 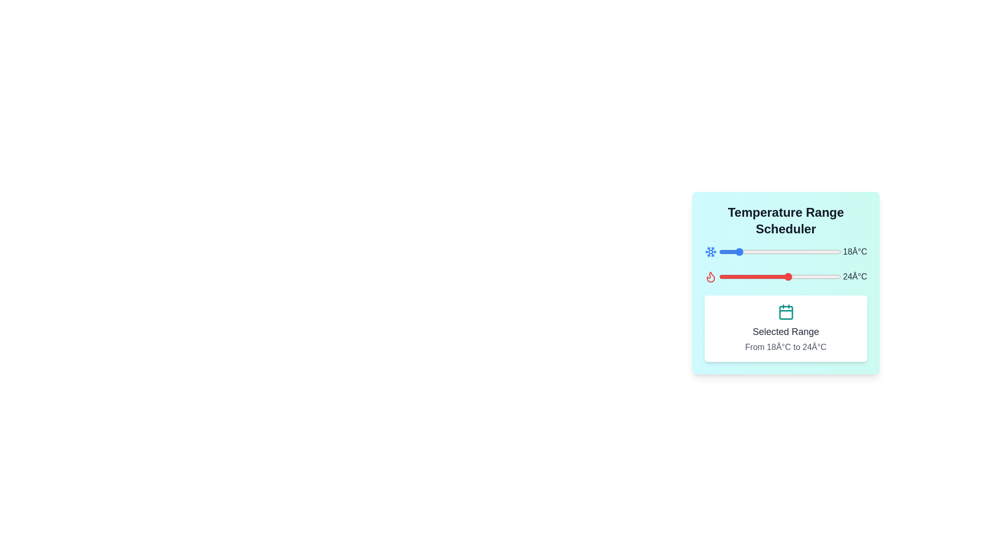 What do you see at coordinates (780, 276) in the screenshot?
I see `the circular knob of the red horizontal range slider, which indicates a temperature range` at bounding box center [780, 276].